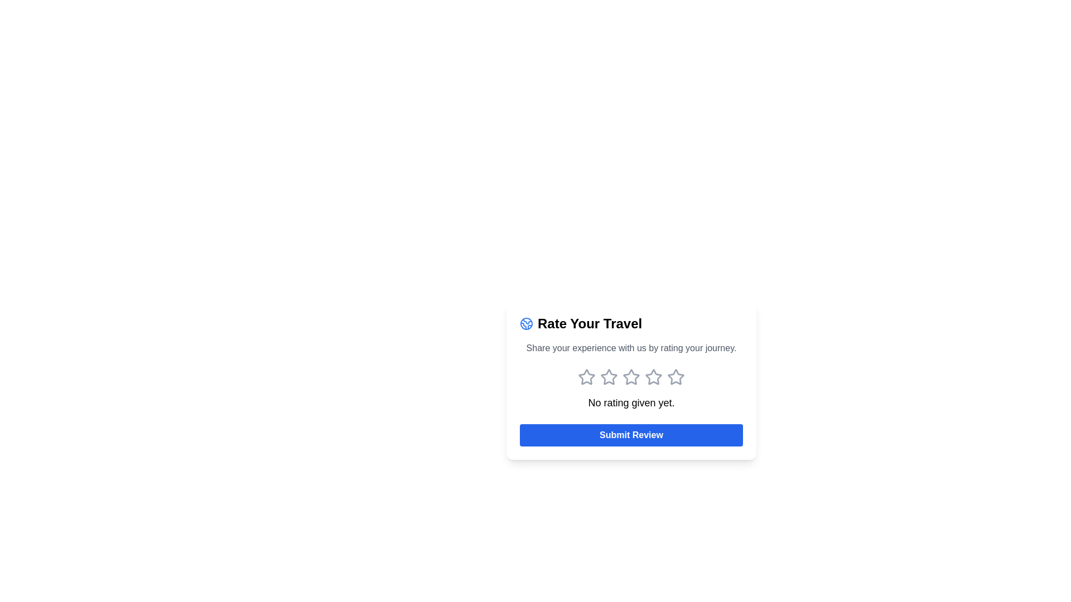 The image size is (1071, 602). I want to click on the one-star rating button located at the first position in the horizontal array of five star-shaped icons, beneath the label 'Share your experience with us by rating your journey' and above 'No rating given yet.', so click(586, 377).